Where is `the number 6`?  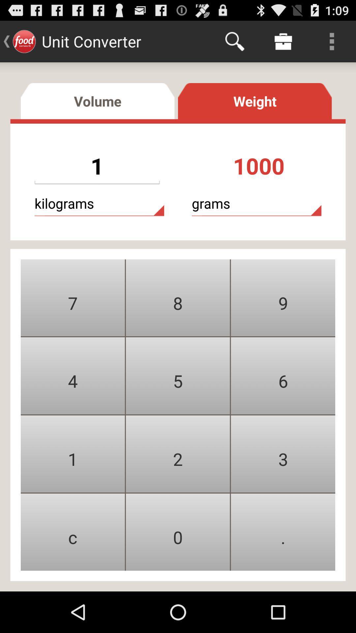
the number 6 is located at coordinates (283, 376).